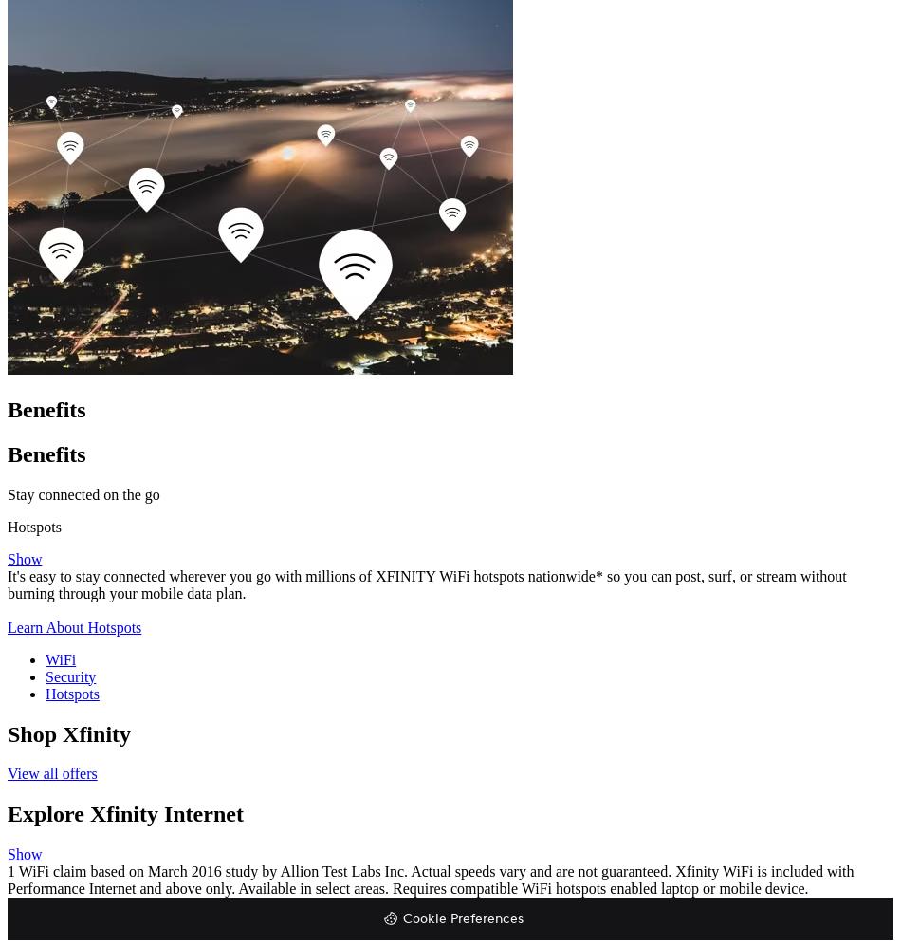 This screenshot has height=944, width=901. I want to click on 'It's easy to stay connected wherever you go with millions of XFINITY WiFi hotspots nationwide* so you can post, surf, or stream without burning through your mobile data plan.', so click(426, 583).